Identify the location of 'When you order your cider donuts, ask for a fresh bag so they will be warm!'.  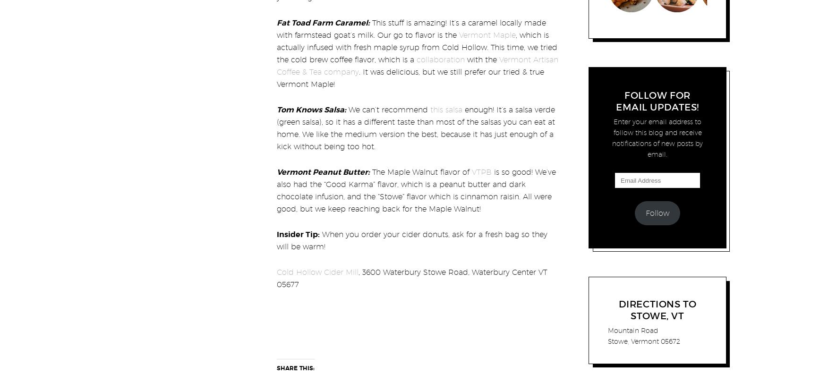
(412, 240).